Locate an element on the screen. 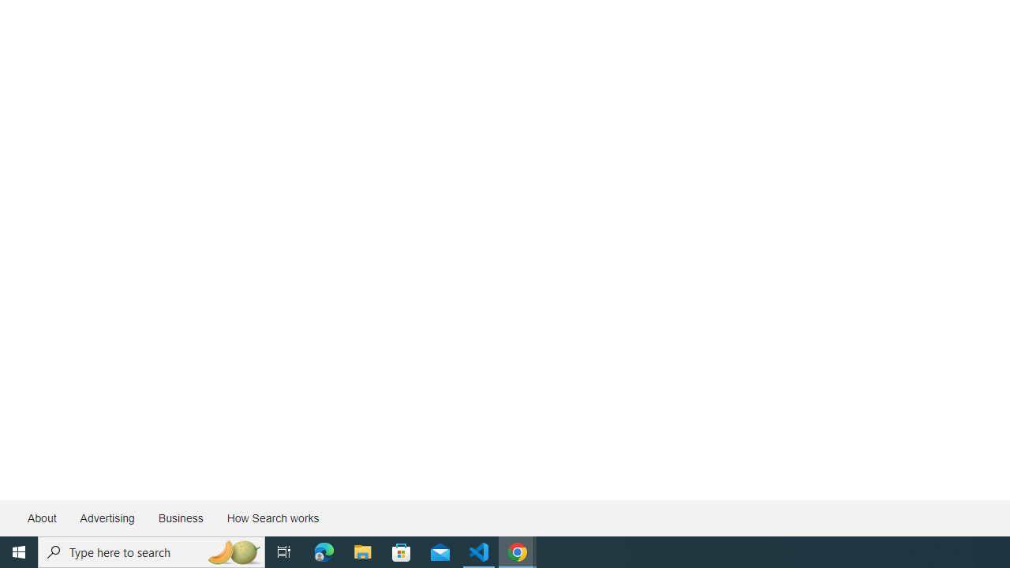 The width and height of the screenshot is (1010, 568). 'How Search works' is located at coordinates (272, 518).